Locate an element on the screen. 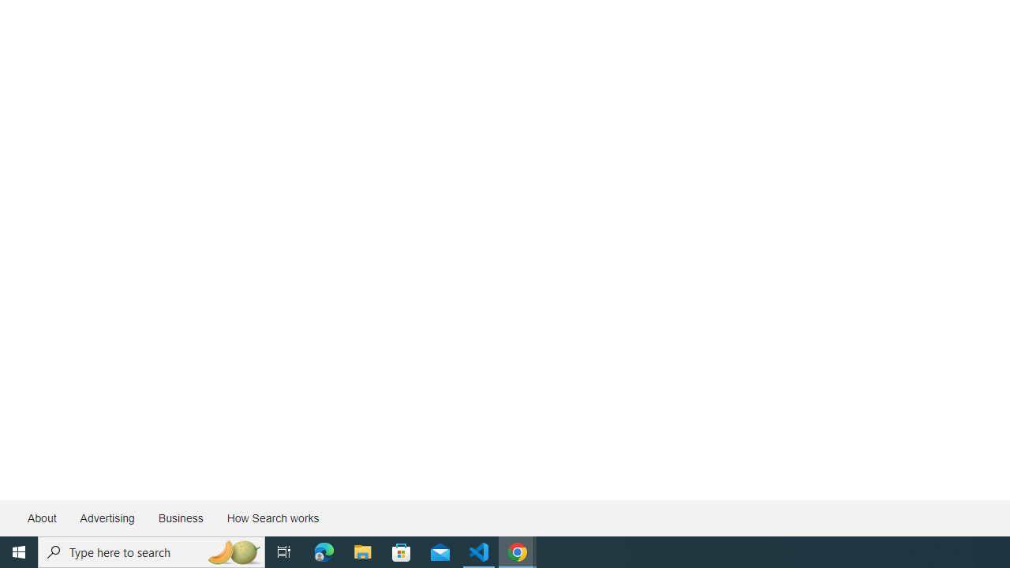 The width and height of the screenshot is (1010, 568). 'How Search works' is located at coordinates (272, 518).